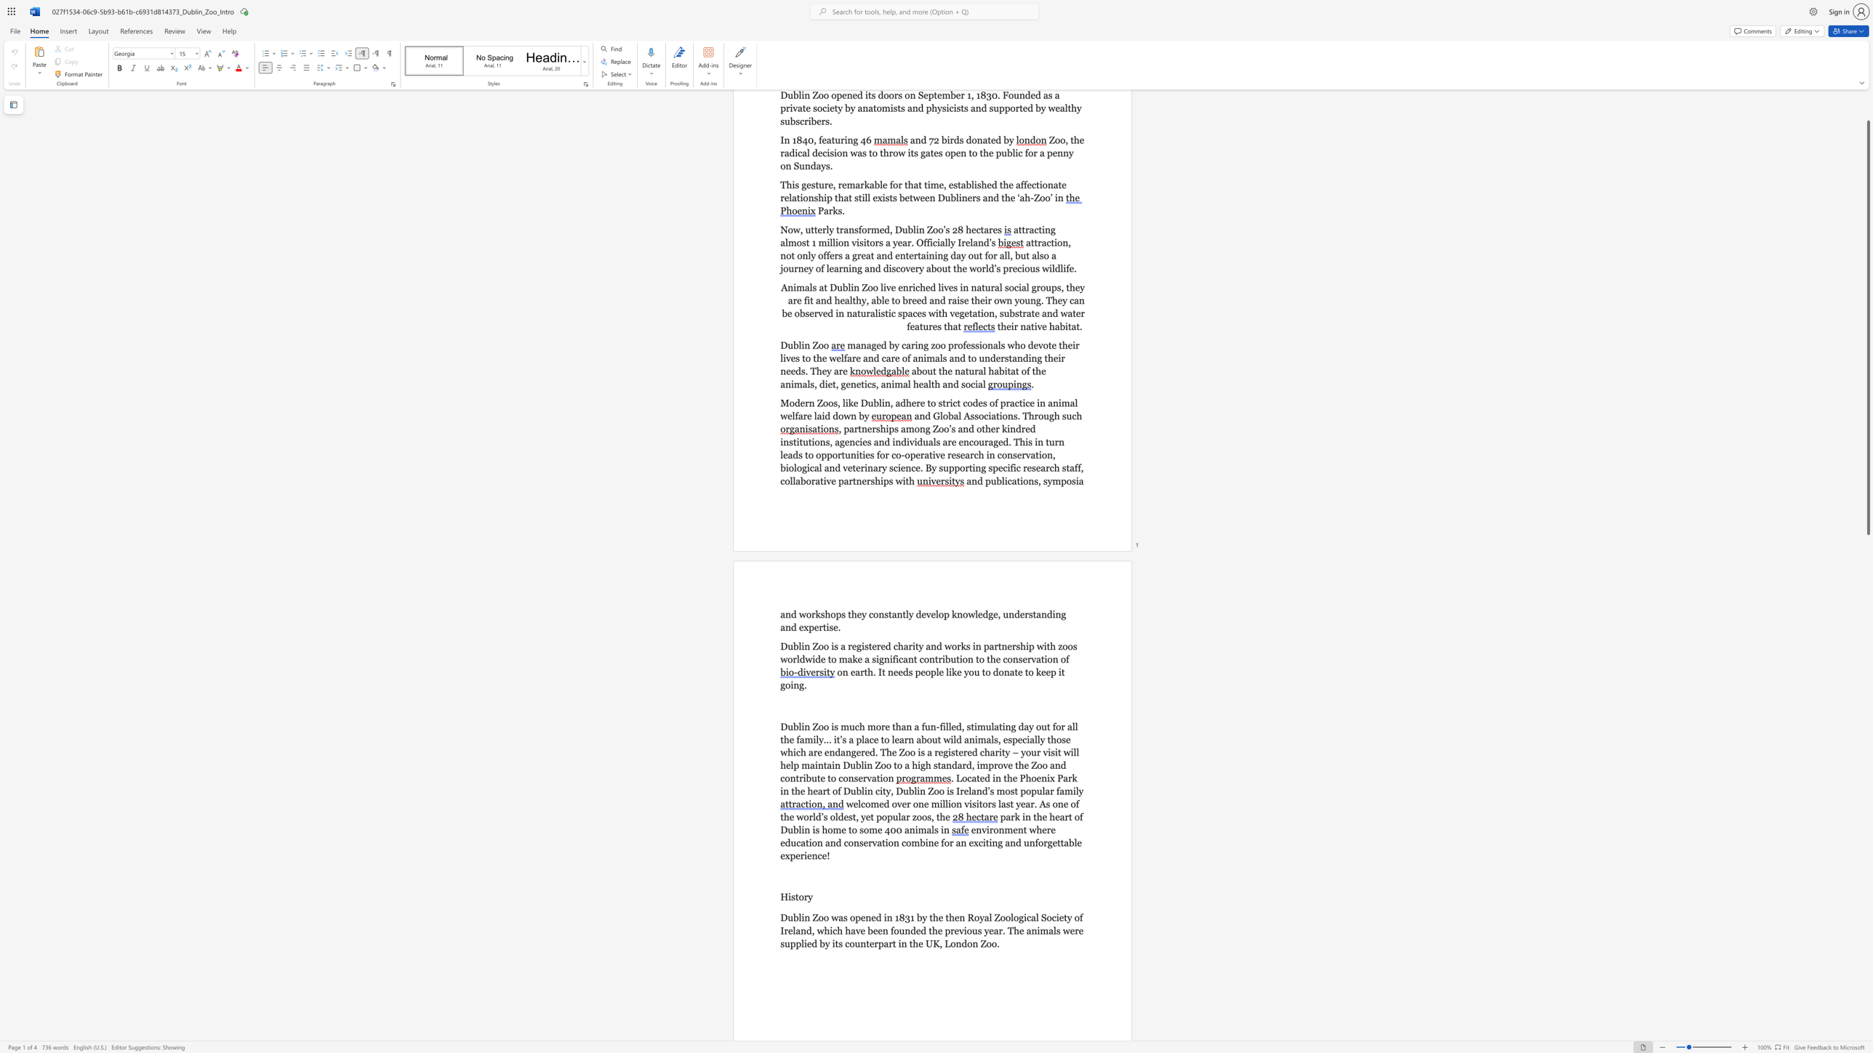  Describe the element at coordinates (832, 241) in the screenshot. I see `the subset text "lion visitors a year. Officially Ir" within the text "attracting almost 1 million visitors a year. Officially Ireland’s"` at that location.